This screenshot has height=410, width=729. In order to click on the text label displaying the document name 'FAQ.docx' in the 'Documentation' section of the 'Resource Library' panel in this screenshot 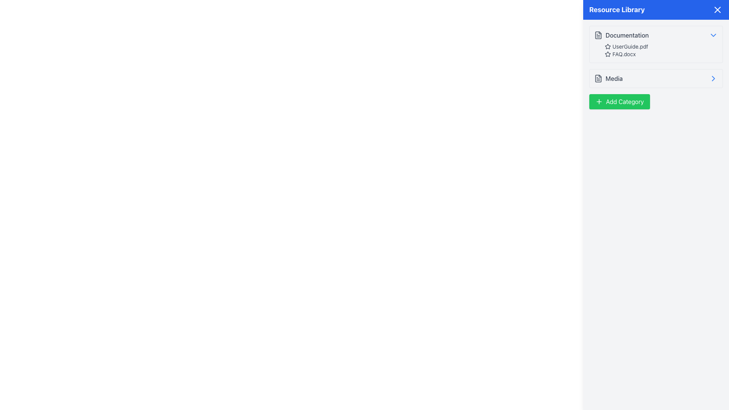, I will do `click(624, 54)`.